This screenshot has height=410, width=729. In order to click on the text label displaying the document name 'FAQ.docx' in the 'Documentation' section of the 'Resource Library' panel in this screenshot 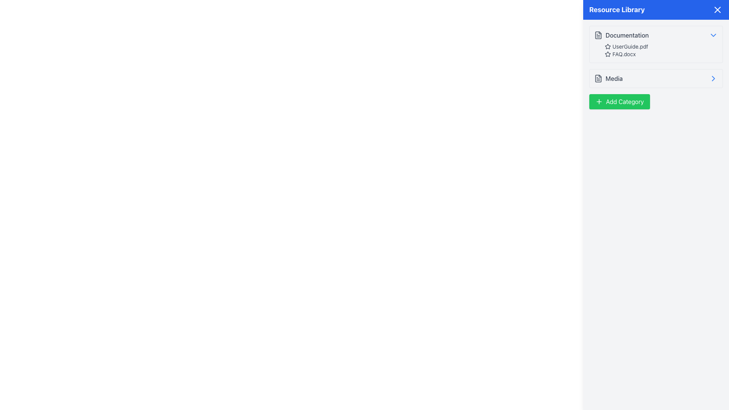, I will do `click(624, 54)`.